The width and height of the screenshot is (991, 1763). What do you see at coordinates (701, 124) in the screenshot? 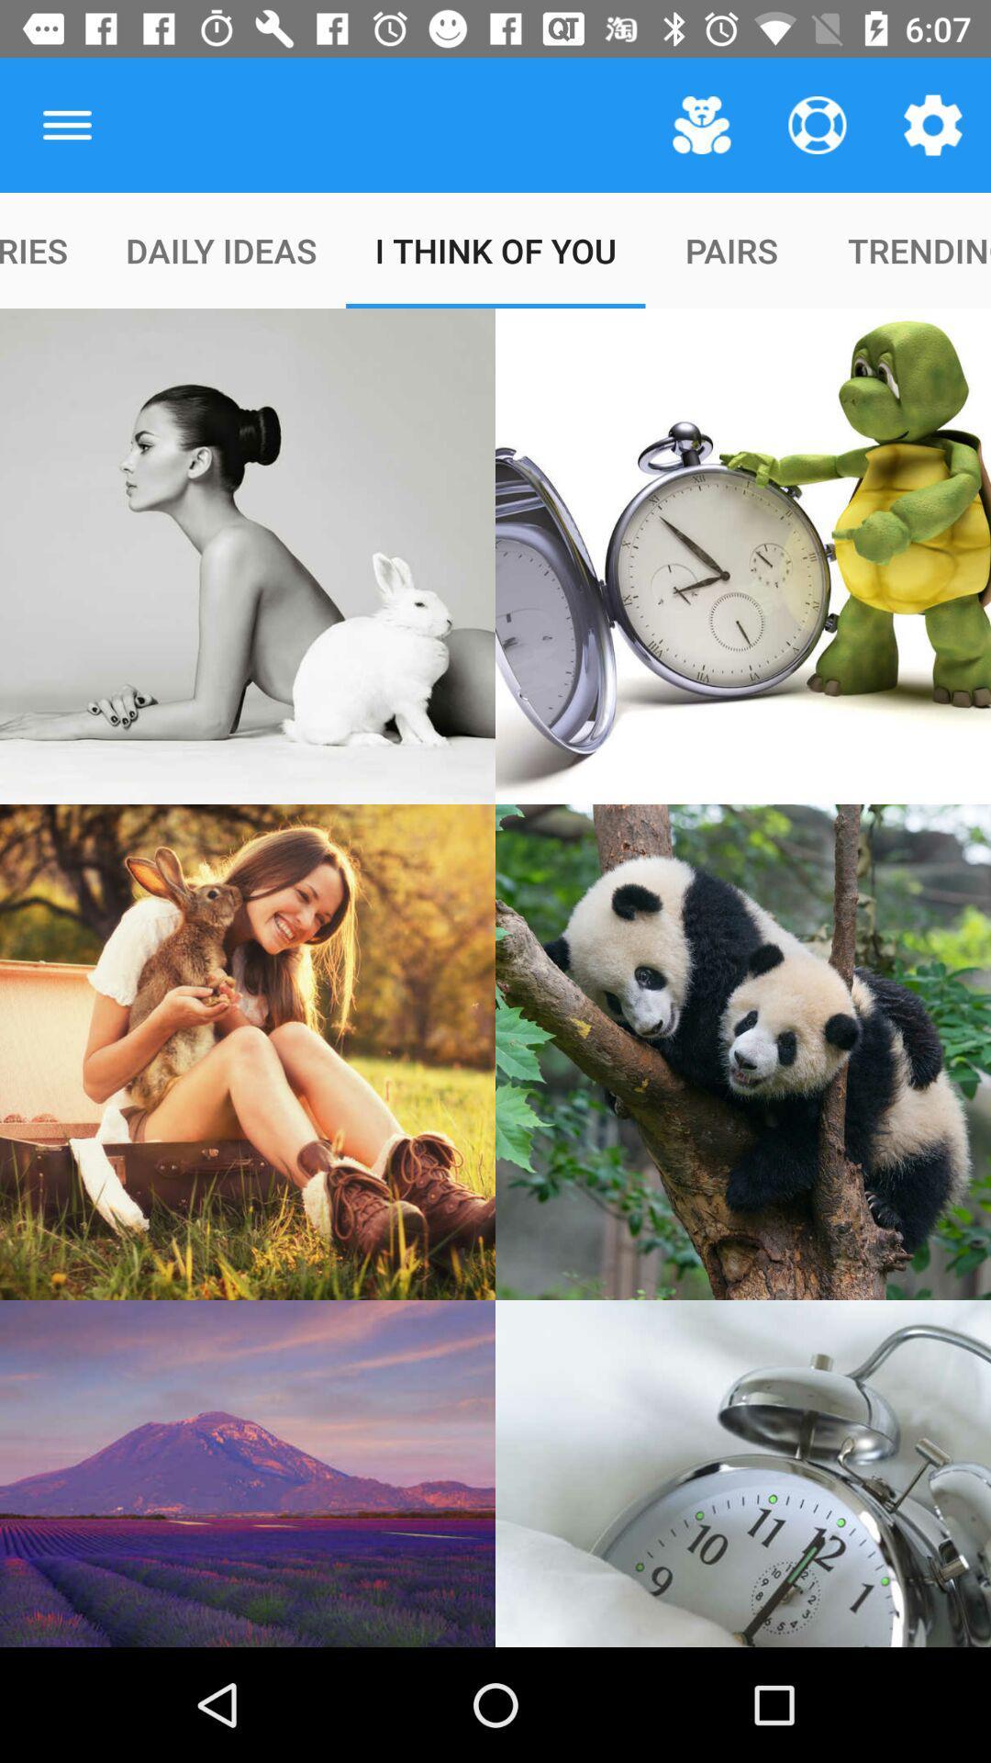
I see `item above pairs icon` at bounding box center [701, 124].